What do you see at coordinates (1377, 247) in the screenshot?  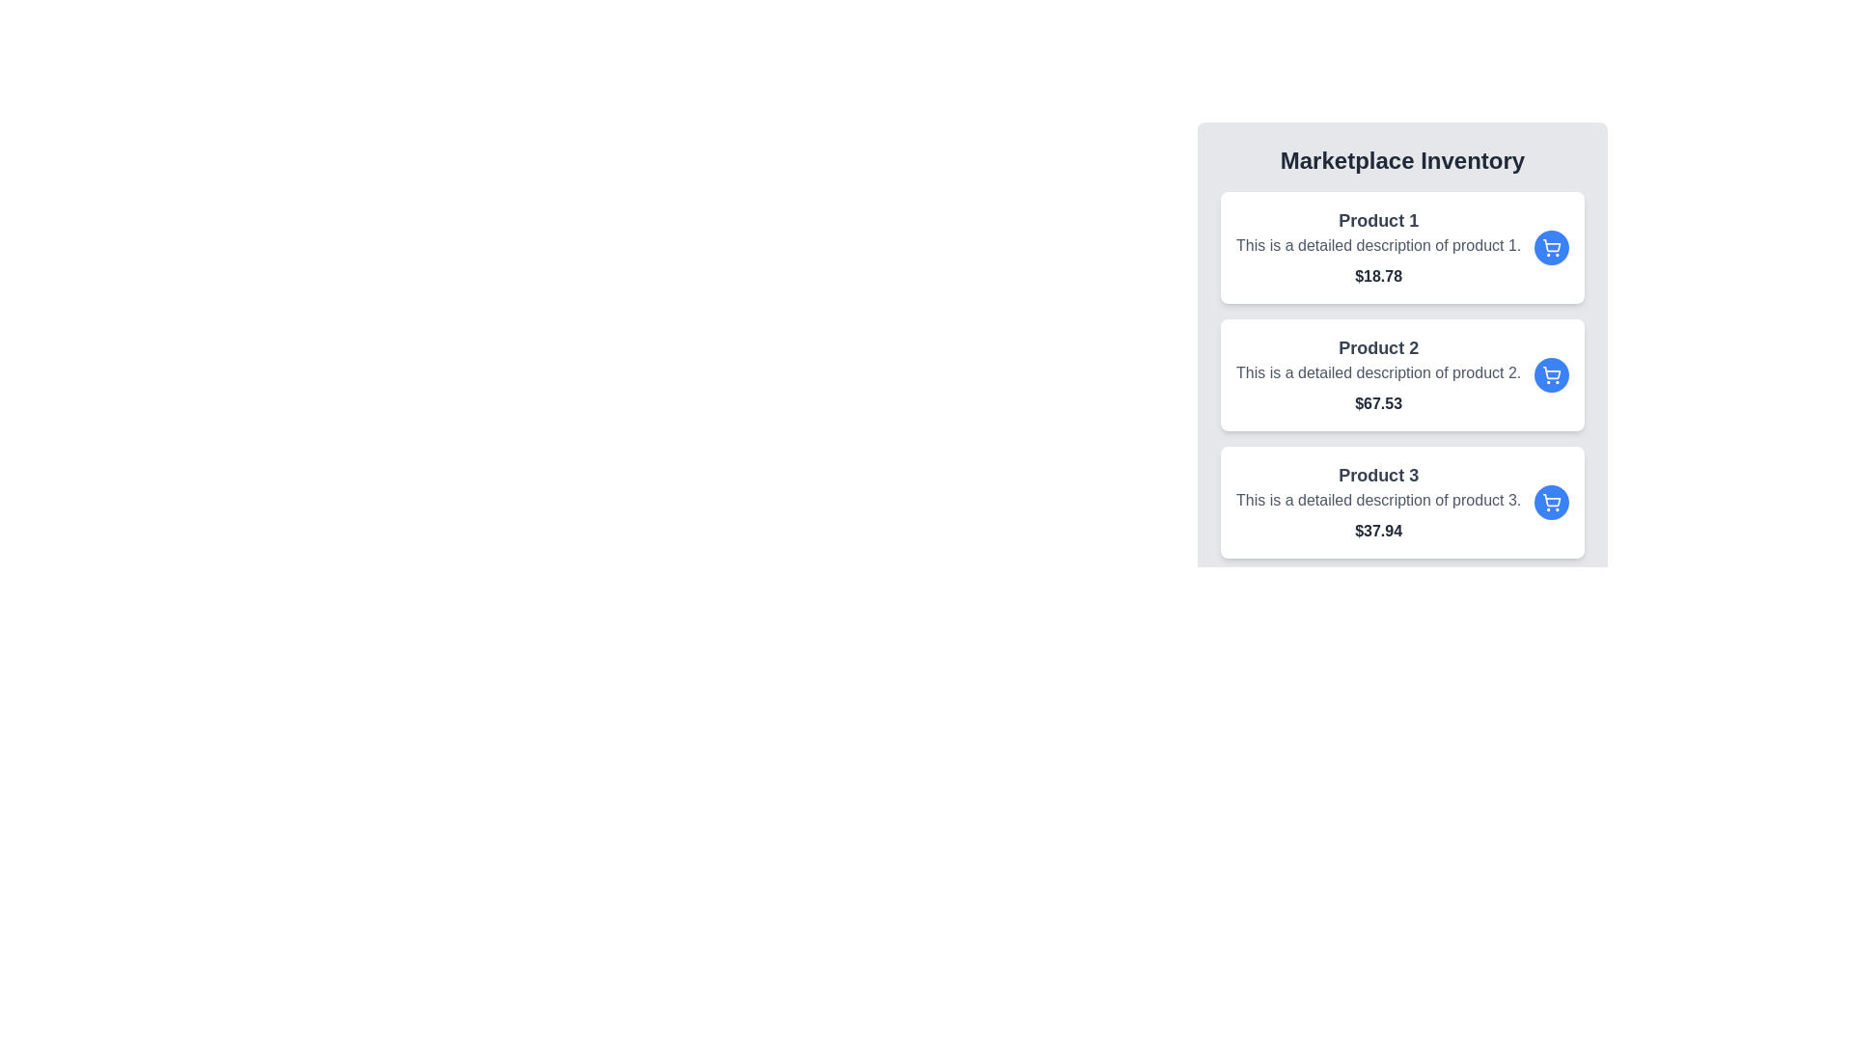 I see `the first Text Label Block in the product inventory list, which displays the product's name, description, and price, located at the top of the right-side panel` at bounding box center [1377, 247].